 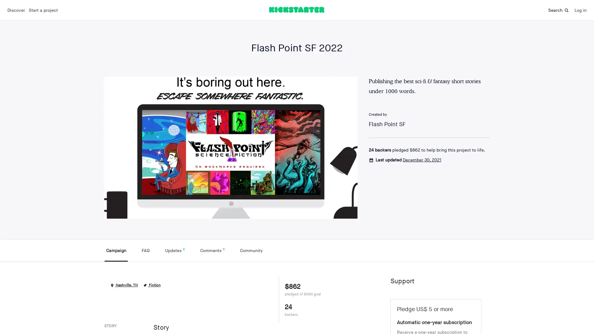 I want to click on Search, so click(x=558, y=10).